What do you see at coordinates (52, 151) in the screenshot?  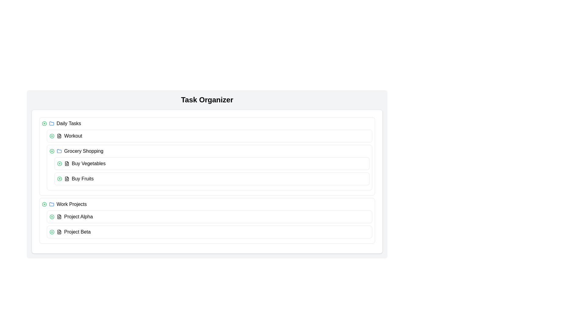 I see `the icon button located to the far left of the 'Grocery Shopping' text` at bounding box center [52, 151].